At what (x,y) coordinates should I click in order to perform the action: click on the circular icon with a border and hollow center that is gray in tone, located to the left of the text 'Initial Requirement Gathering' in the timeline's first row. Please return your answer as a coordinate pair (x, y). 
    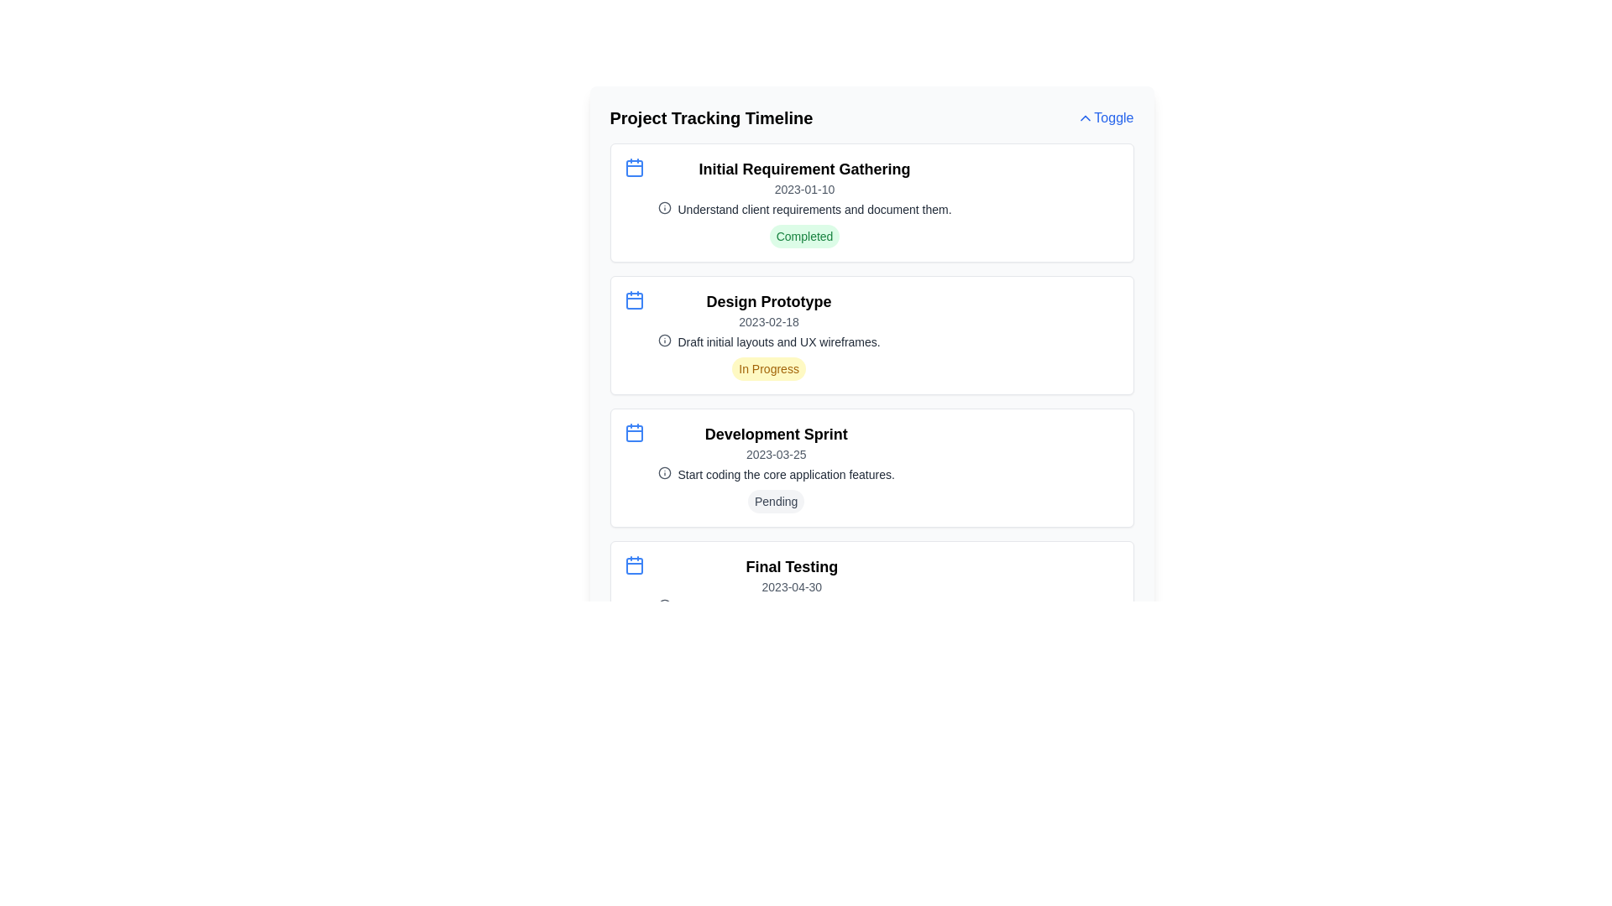
    Looking at the image, I should click on (663, 340).